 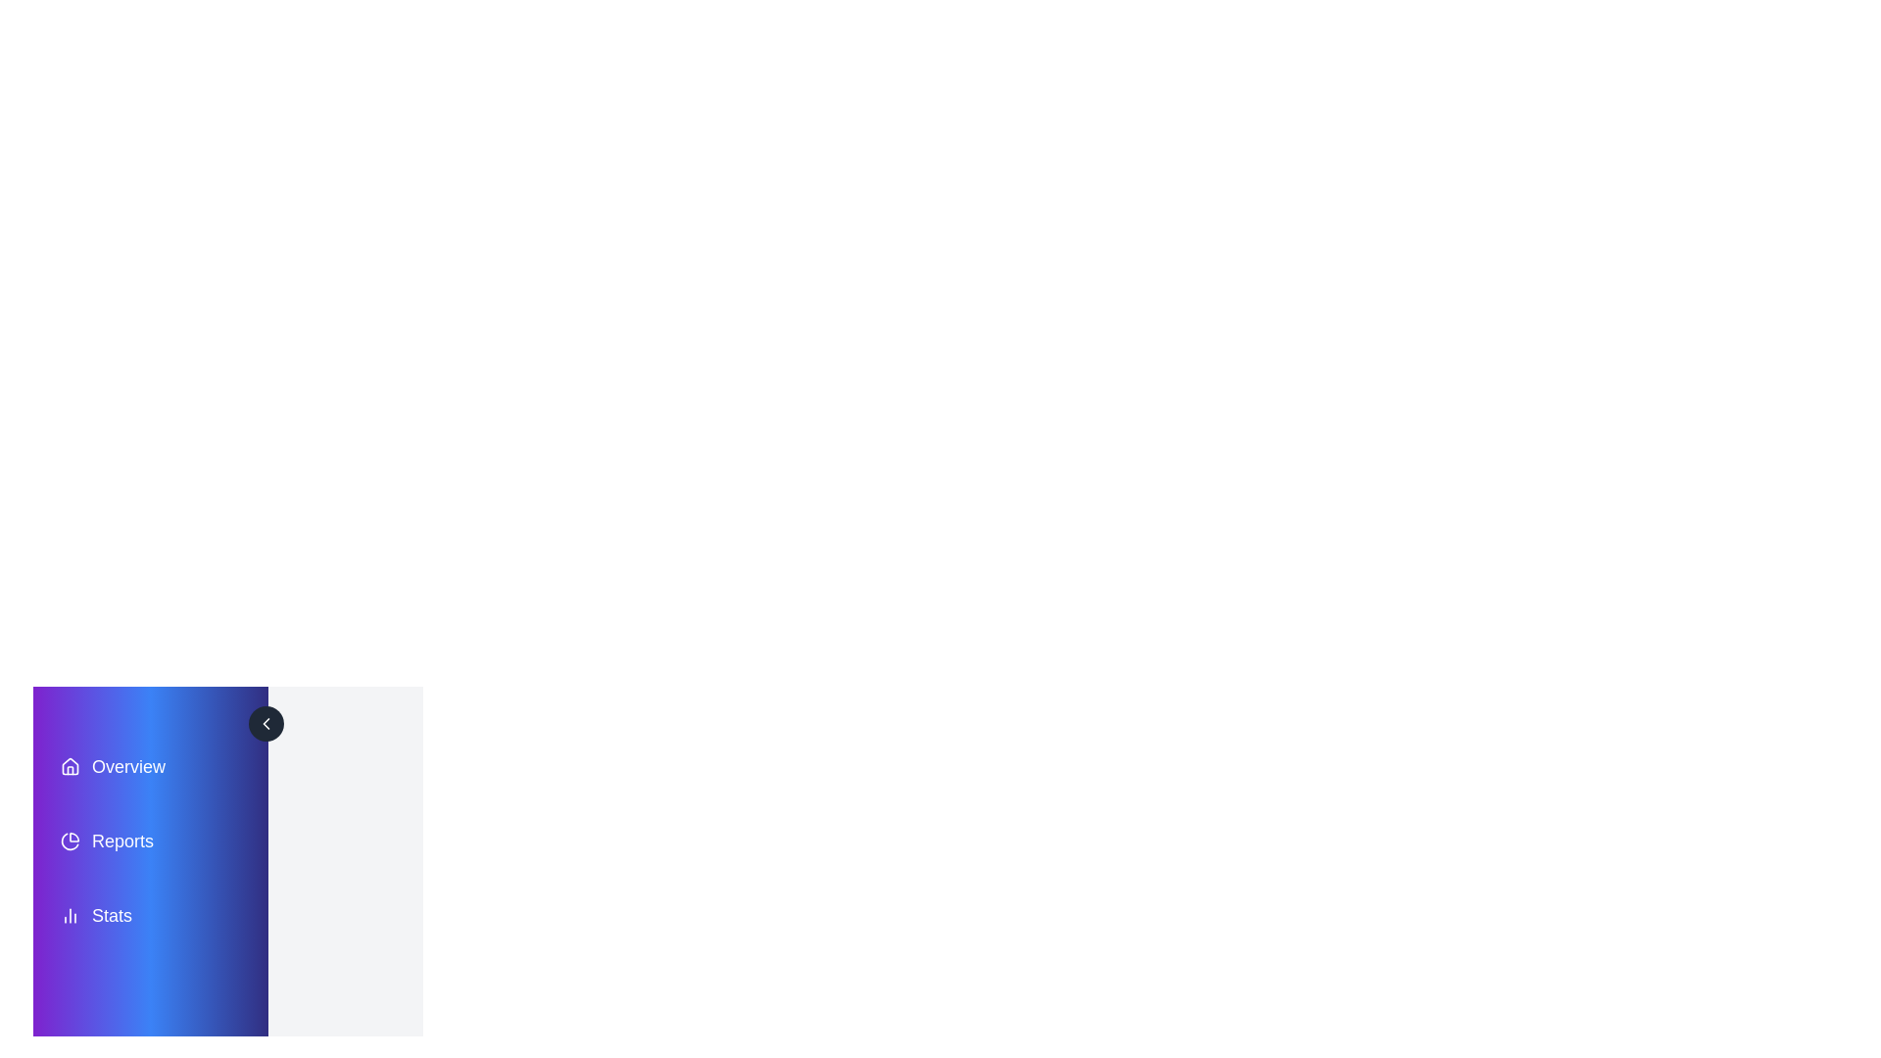 What do you see at coordinates (149, 766) in the screenshot?
I see `the menu item labeled Overview to view its hover effect` at bounding box center [149, 766].